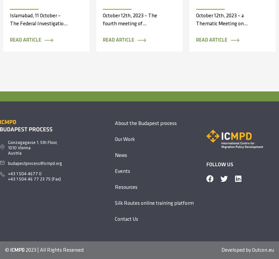 Image resolution: width=279 pixels, height=259 pixels. What do you see at coordinates (146, 123) in the screenshot?
I see `'About the Budapest process'` at bounding box center [146, 123].